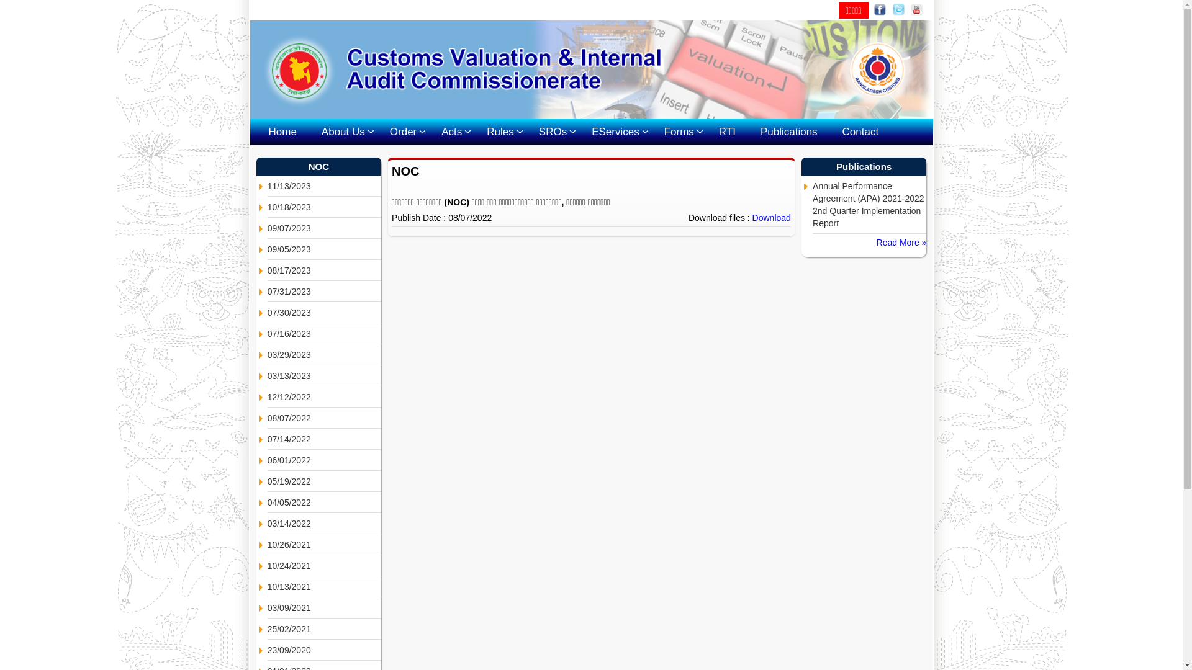 The image size is (1192, 670). What do you see at coordinates (324, 292) in the screenshot?
I see `'07/31/2023'` at bounding box center [324, 292].